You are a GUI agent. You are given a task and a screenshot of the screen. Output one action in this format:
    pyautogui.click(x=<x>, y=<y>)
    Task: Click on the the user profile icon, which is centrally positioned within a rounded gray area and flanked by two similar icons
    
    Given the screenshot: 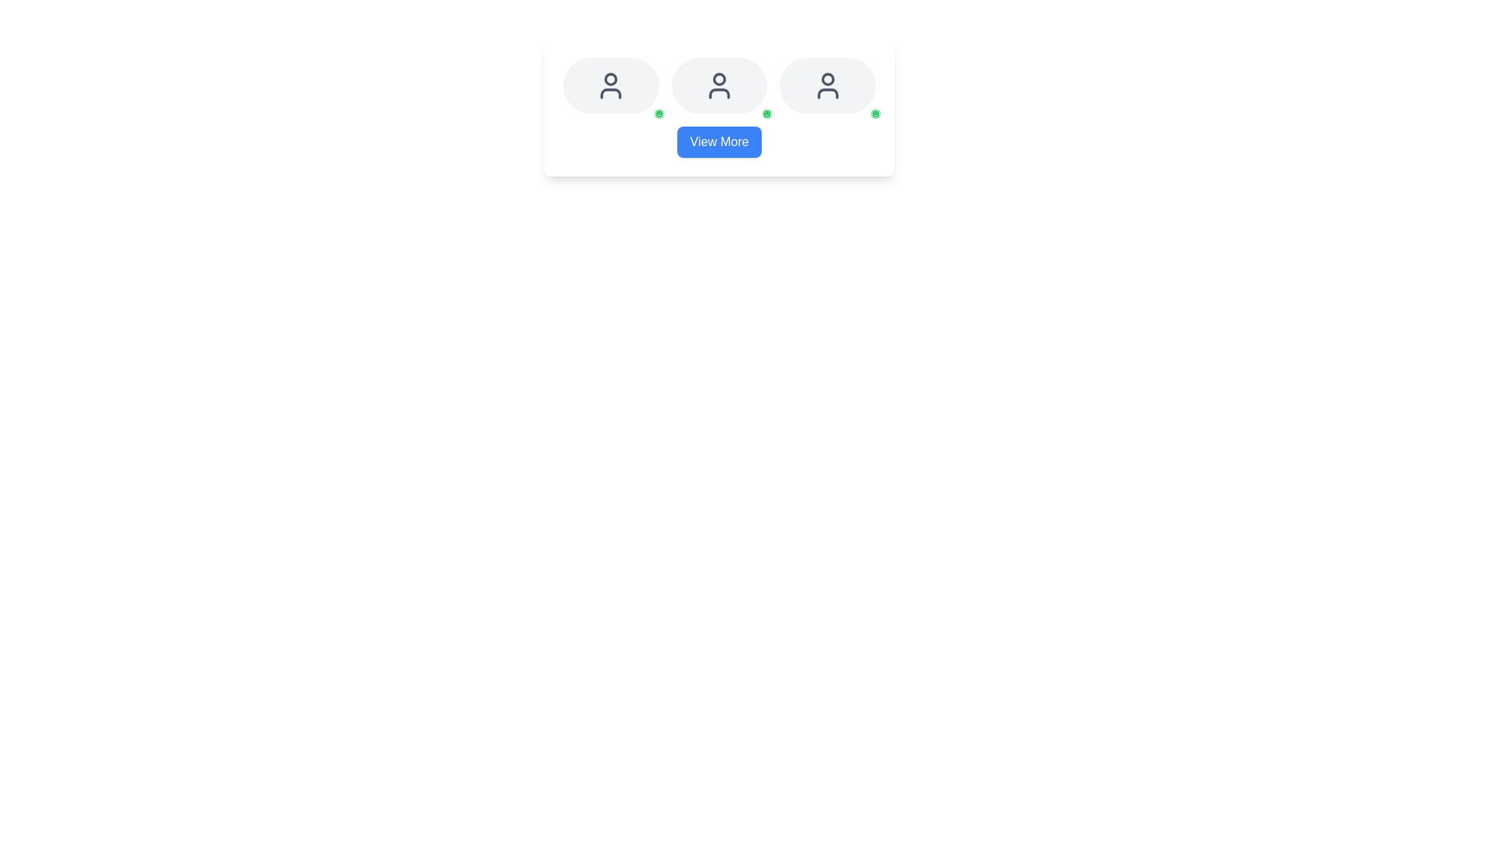 What is the action you would take?
    pyautogui.click(x=719, y=86)
    